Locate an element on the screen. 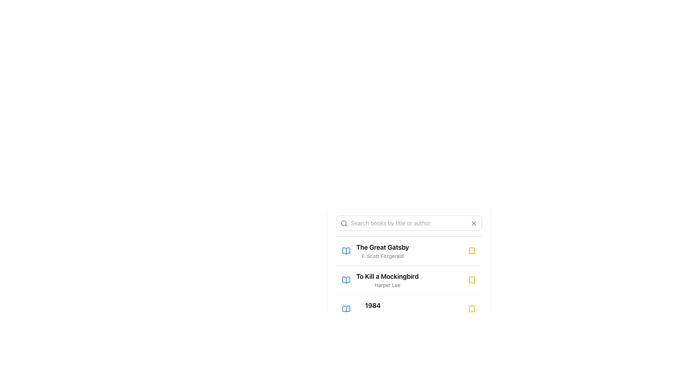  the button featuring a diagonal cross (X shape) in muted gray, located in the top-right corner of the search input field is located at coordinates (474, 223).